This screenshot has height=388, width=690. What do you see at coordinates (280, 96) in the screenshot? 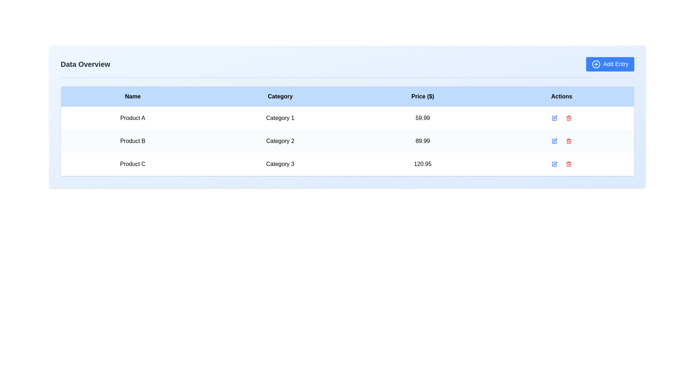
I see `the header label for the 'Category' column, which is the second column title in the table header, positioned between 'Name' and 'Price ($)'` at bounding box center [280, 96].